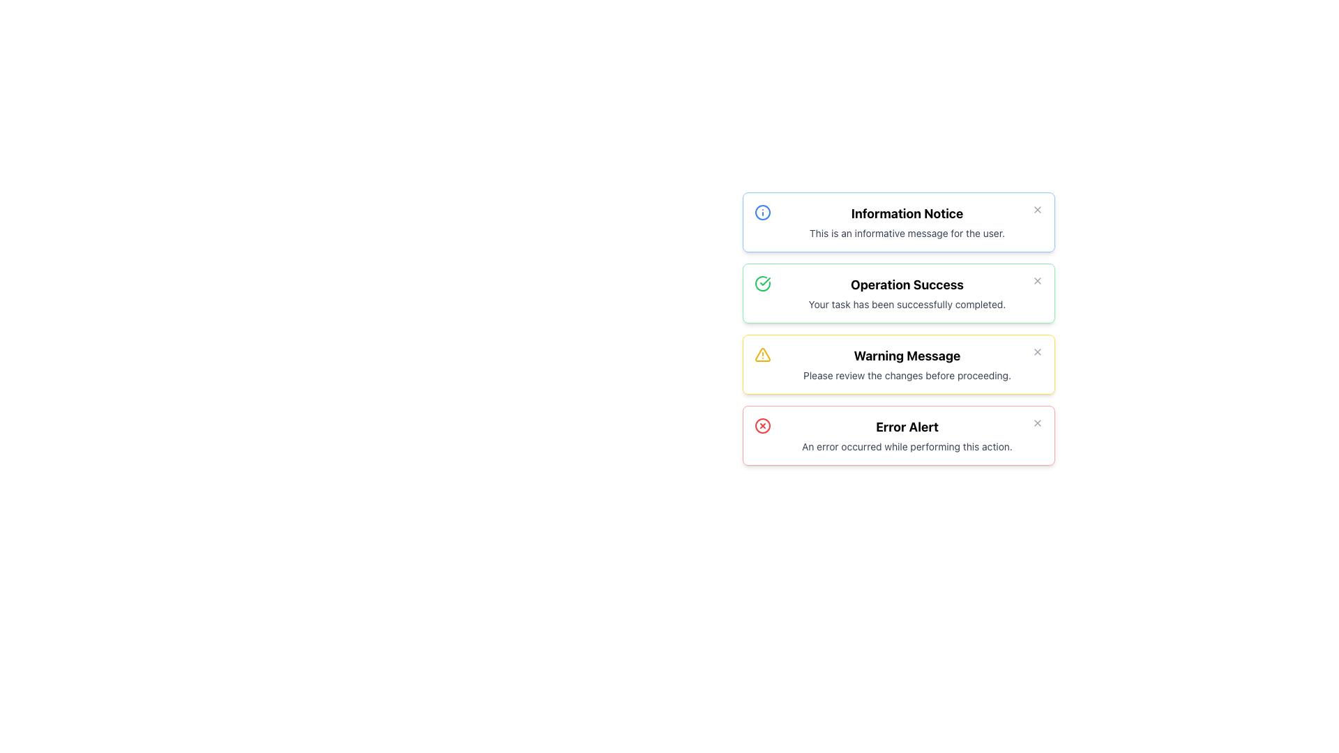  What do you see at coordinates (907, 355) in the screenshot?
I see `the text label that serves as the title for the warning message card, which is centrally positioned within its notification card, framed with a yellow border and accompanied by a warning icon` at bounding box center [907, 355].